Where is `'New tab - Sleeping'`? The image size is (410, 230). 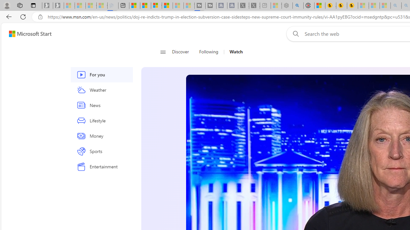
'New tab - Sleeping' is located at coordinates (265, 5).